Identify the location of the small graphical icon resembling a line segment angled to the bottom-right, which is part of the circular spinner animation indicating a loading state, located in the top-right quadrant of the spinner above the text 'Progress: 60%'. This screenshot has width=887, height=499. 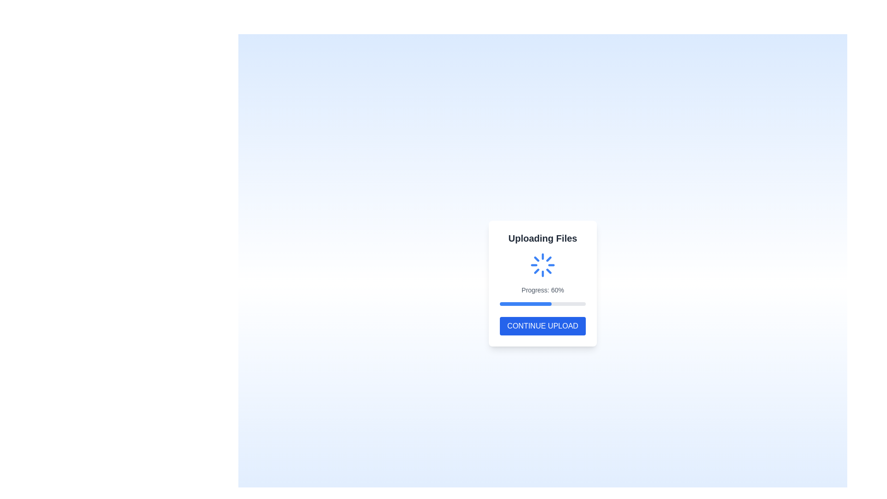
(550, 269).